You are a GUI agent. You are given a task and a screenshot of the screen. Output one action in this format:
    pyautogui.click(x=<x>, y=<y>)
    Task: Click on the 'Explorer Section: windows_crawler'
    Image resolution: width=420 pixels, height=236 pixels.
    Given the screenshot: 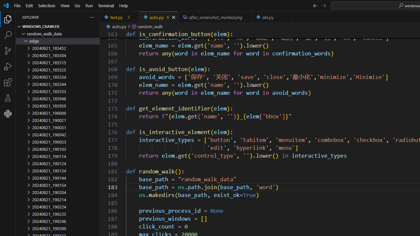 What is the action you would take?
    pyautogui.click(x=58, y=26)
    